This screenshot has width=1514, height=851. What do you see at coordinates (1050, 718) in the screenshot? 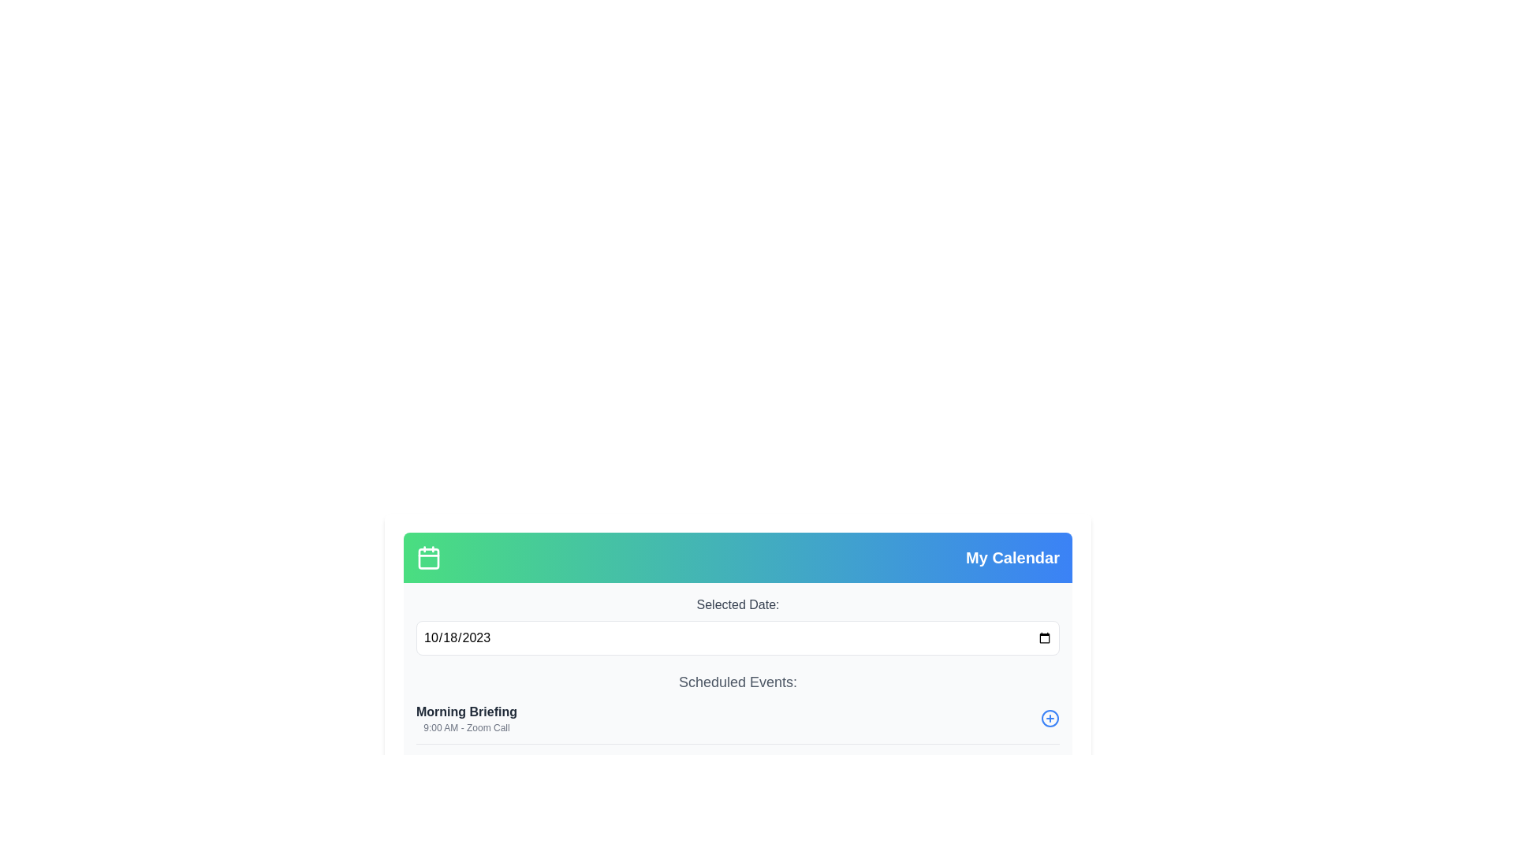
I see `the plus-circle button` at bounding box center [1050, 718].